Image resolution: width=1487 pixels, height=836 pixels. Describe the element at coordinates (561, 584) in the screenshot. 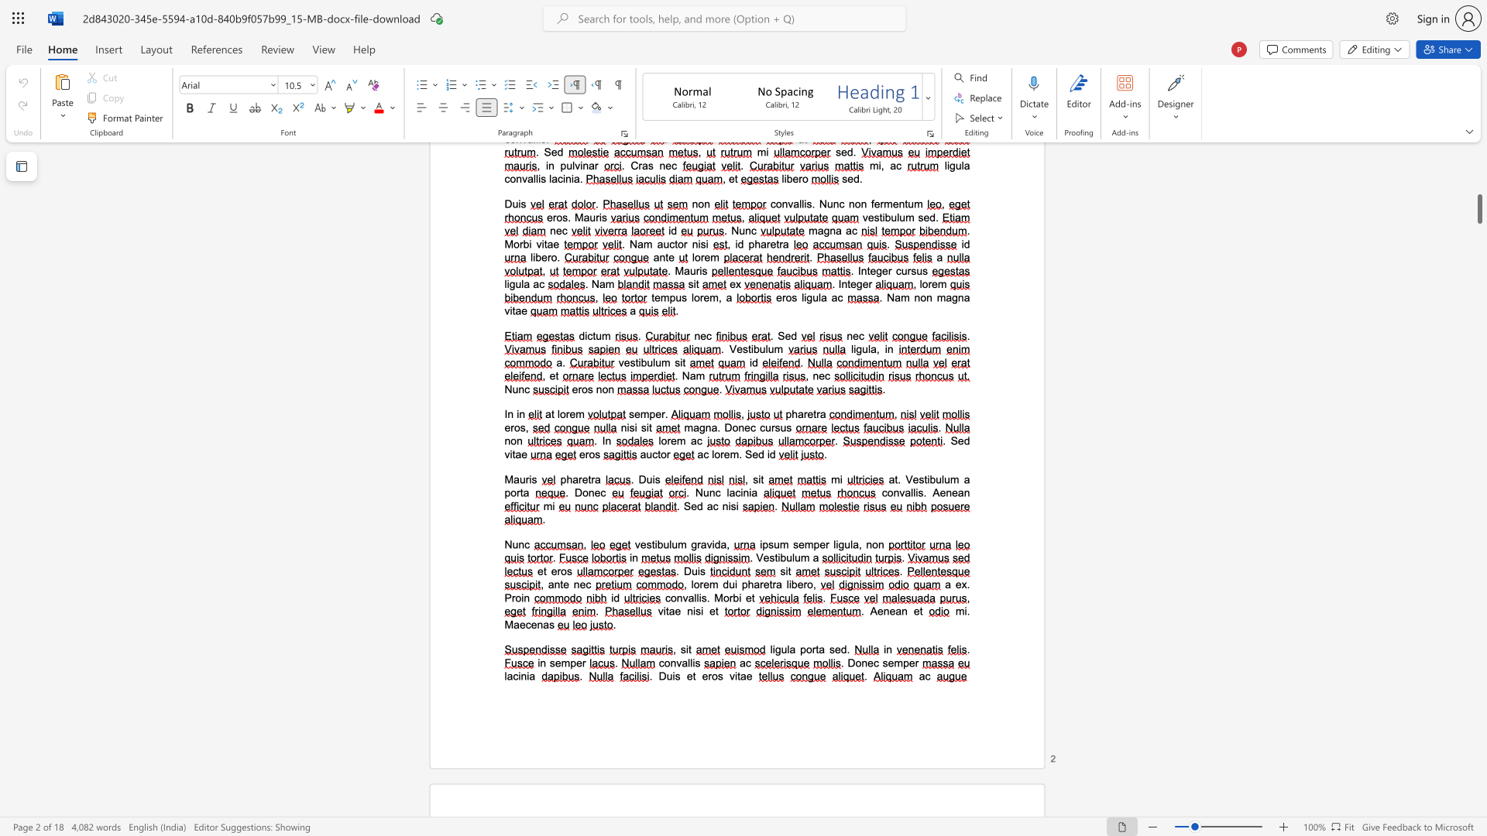

I see `the 1th character "t" in the text` at that location.